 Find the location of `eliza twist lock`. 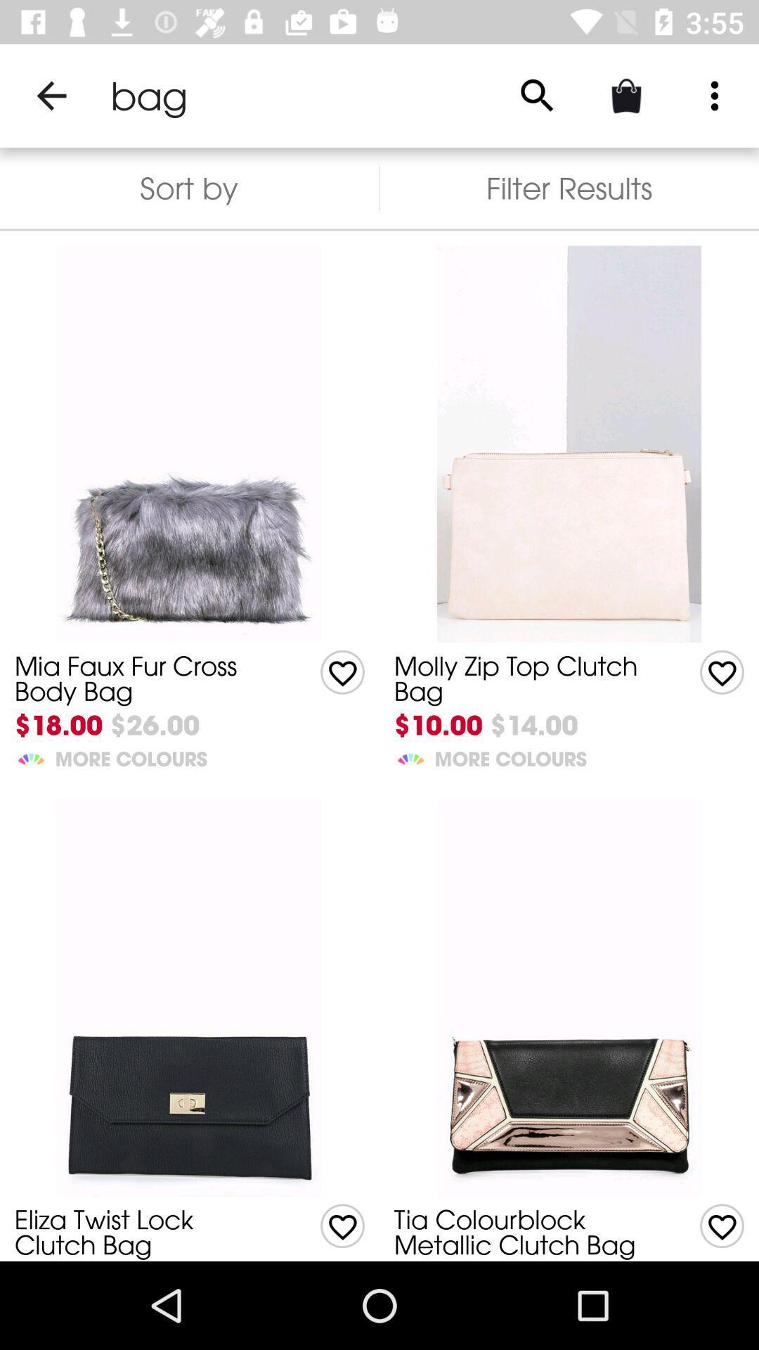

eliza twist lock is located at coordinates (145, 1231).